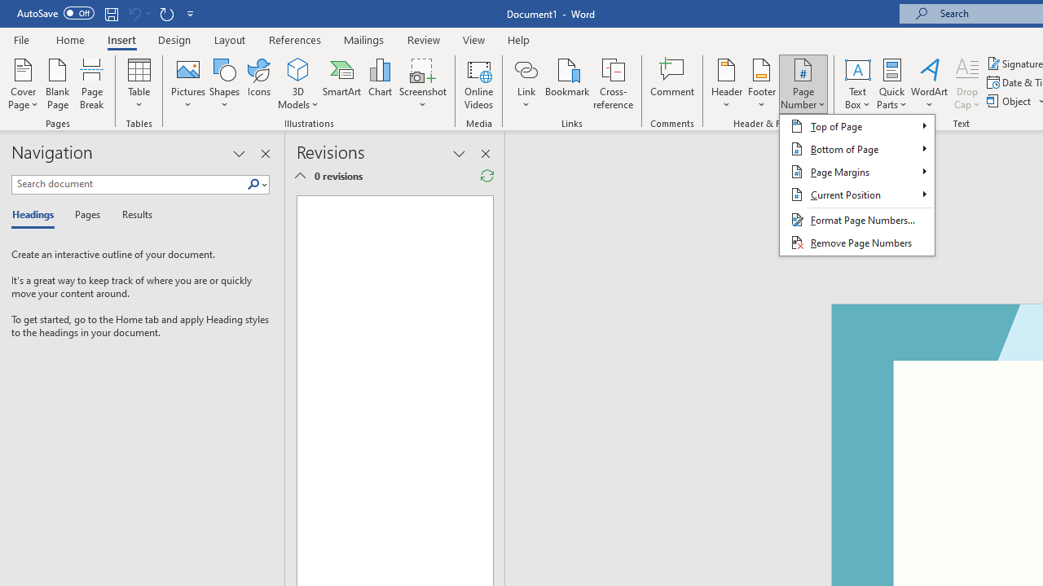 Image resolution: width=1043 pixels, height=586 pixels. Describe the element at coordinates (134, 13) in the screenshot. I see `'Can'` at that location.